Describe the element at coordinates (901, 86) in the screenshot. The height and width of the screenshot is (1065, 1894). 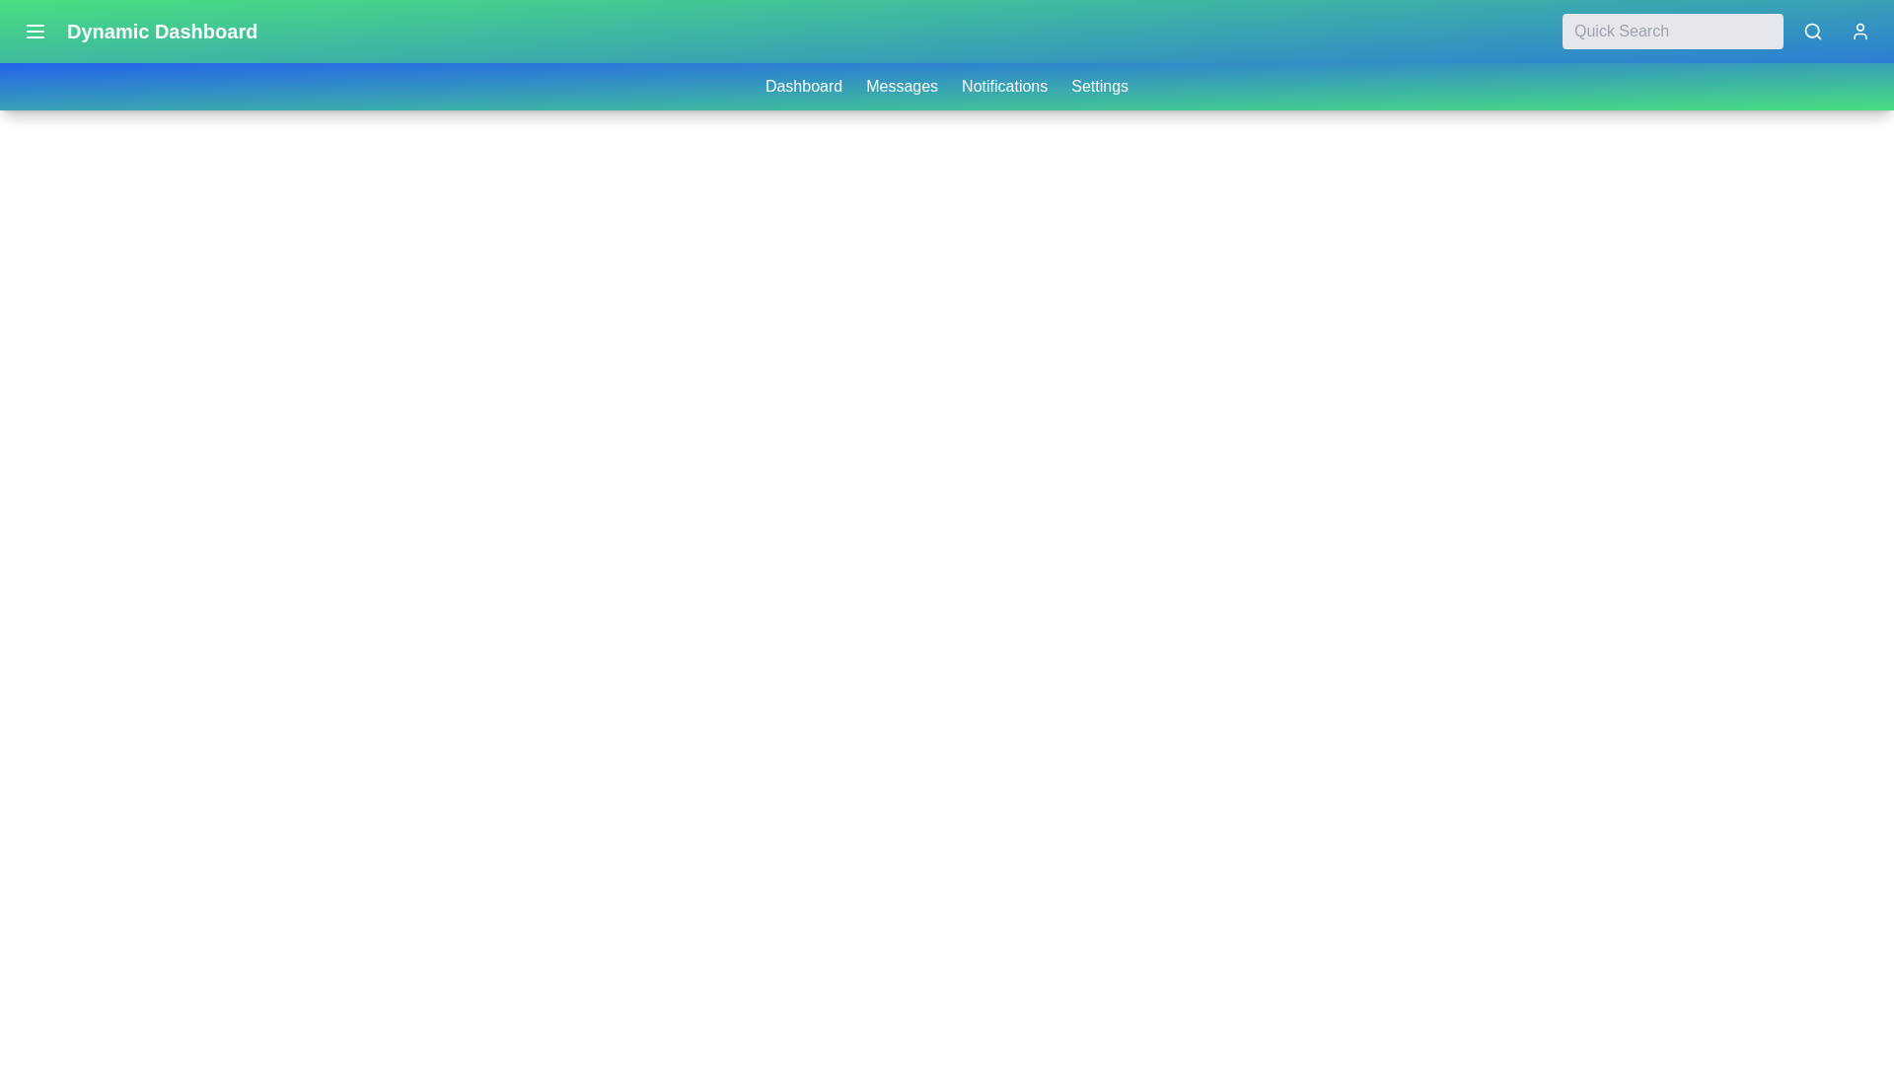
I see `the 'Messages' text link on the blue-green navigation bar` at that location.